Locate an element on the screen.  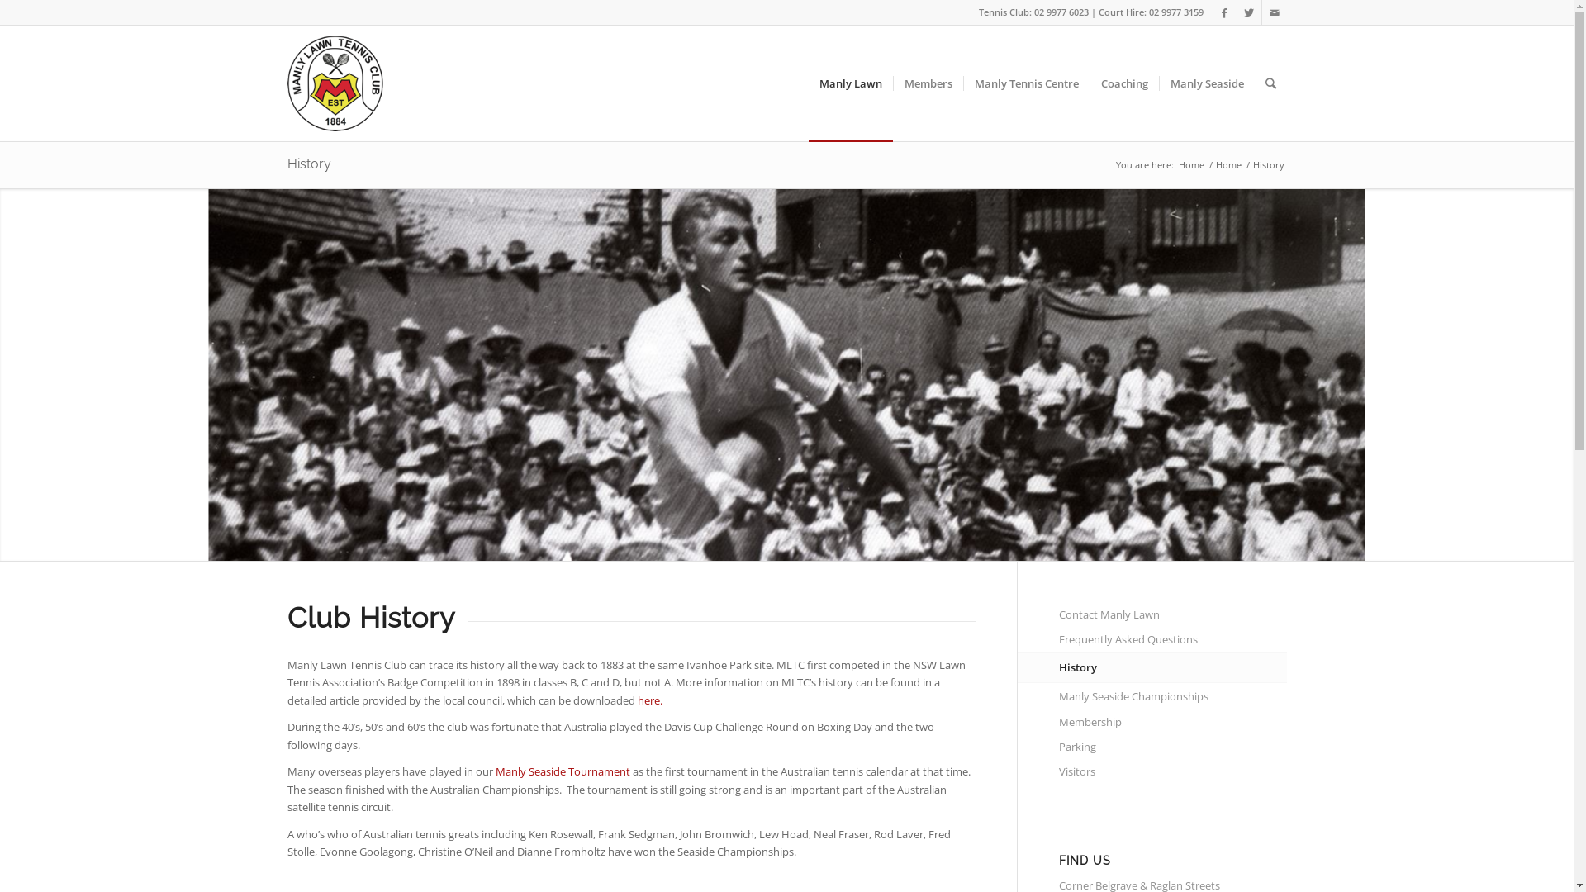
'Visitors' is located at coordinates (1172, 771).